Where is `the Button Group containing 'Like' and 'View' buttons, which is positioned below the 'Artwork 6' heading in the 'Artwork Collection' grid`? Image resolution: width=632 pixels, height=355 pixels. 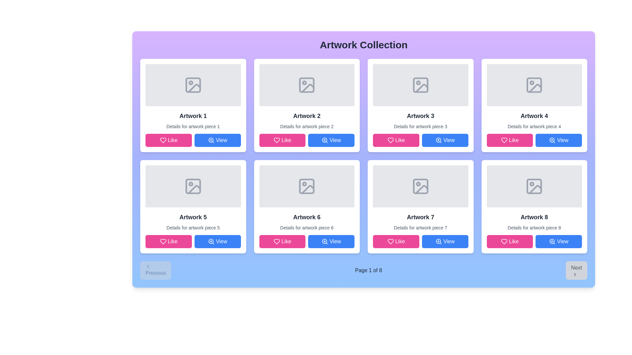 the Button Group containing 'Like' and 'View' buttons, which is positioned below the 'Artwork 6' heading in the 'Artwork Collection' grid is located at coordinates (306, 242).